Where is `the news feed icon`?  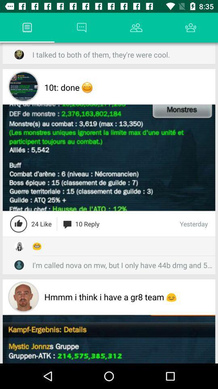 the news feed icon is located at coordinates (27, 28).